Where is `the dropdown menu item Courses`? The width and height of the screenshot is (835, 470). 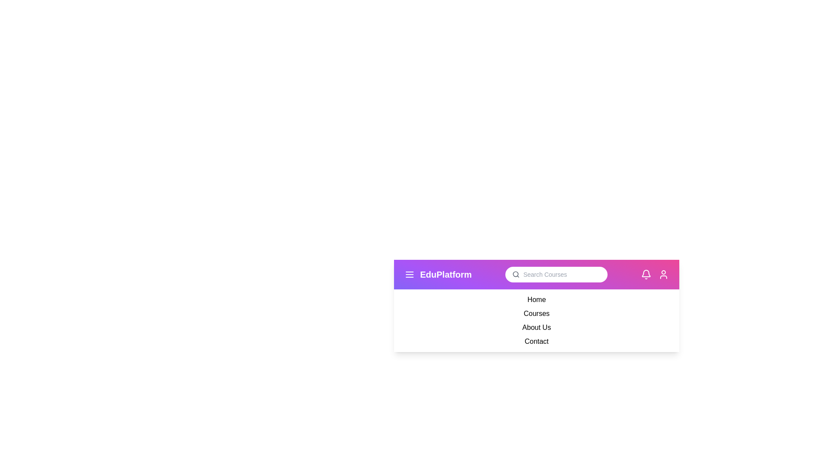 the dropdown menu item Courses is located at coordinates (536, 314).